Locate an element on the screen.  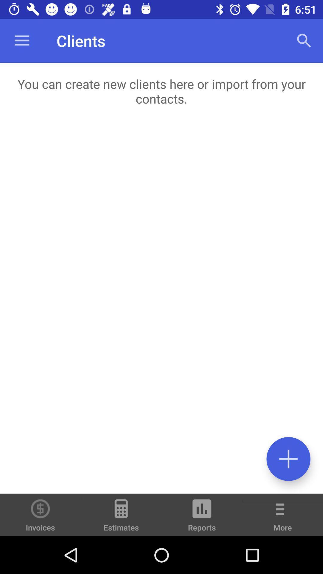
icon to the right of the reports item is located at coordinates (283, 519).